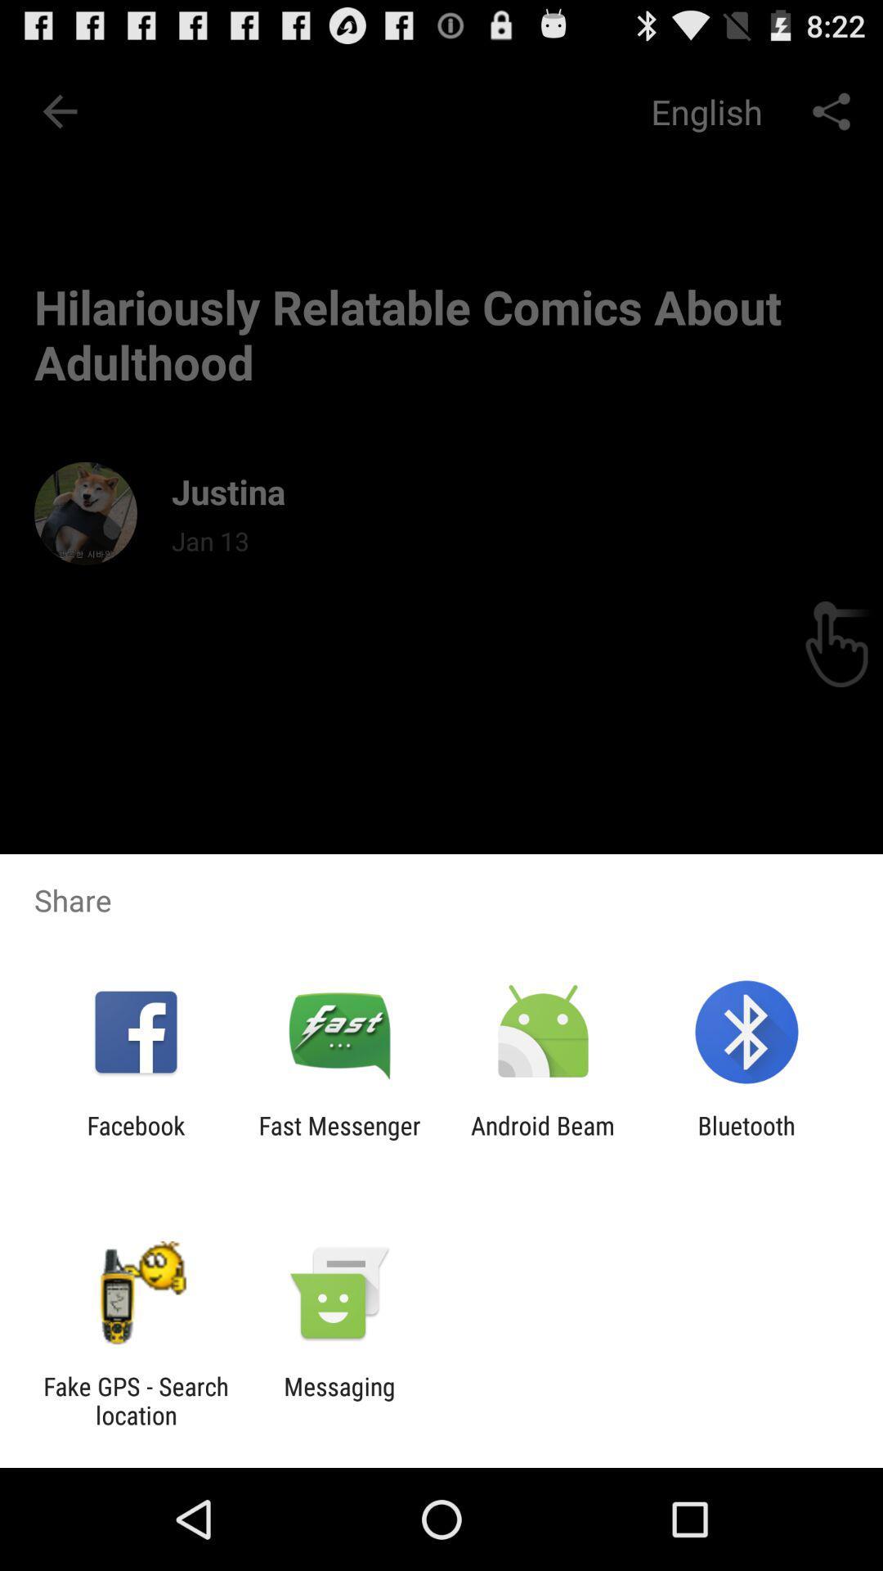 The image size is (883, 1571). I want to click on the icon next to fast messenger icon, so click(543, 1139).